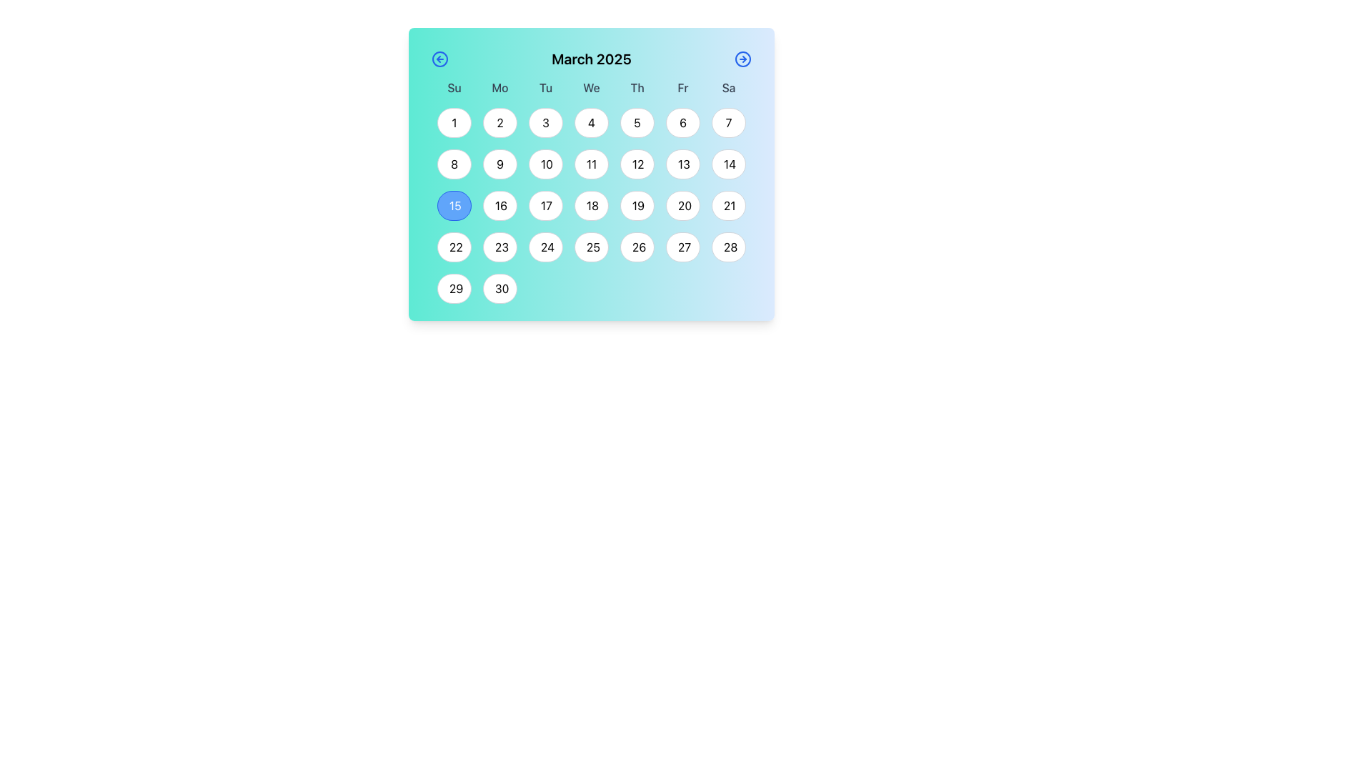 The height and width of the screenshot is (772, 1372). What do you see at coordinates (592, 59) in the screenshot?
I see `the text label displaying the current month and year in the calendar interface, located at the top-center above the grid of days` at bounding box center [592, 59].